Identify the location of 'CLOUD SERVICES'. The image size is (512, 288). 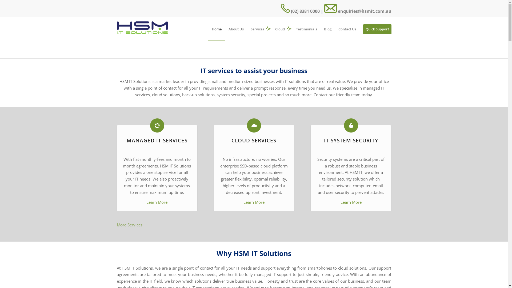
(253, 140).